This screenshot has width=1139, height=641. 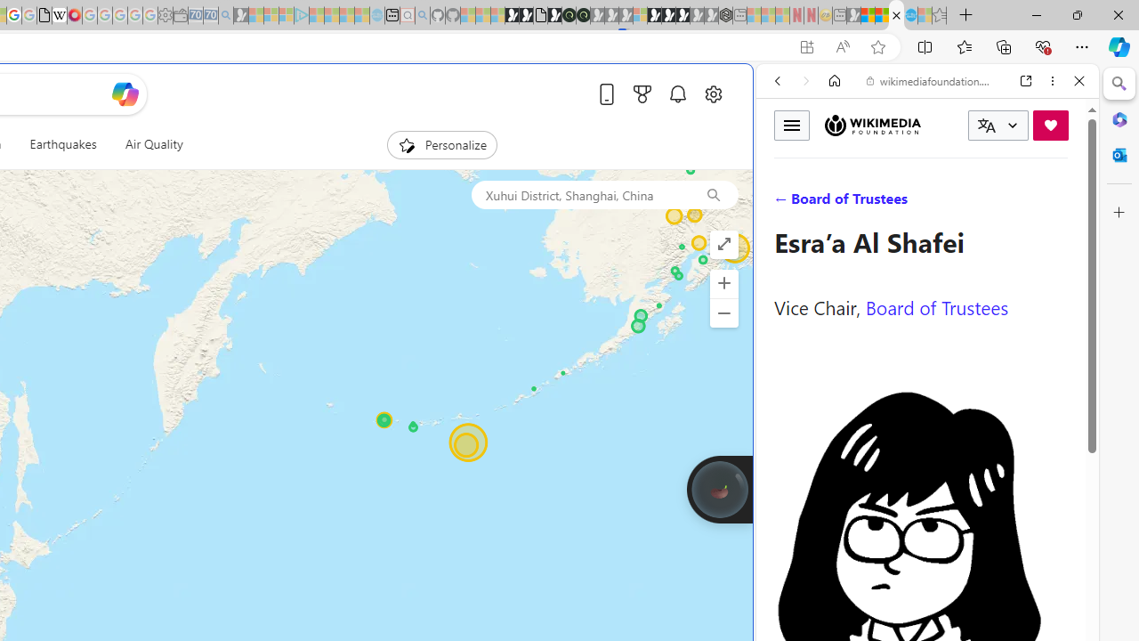 I want to click on 'SEARCH TOOLS', so click(x=972, y=202).